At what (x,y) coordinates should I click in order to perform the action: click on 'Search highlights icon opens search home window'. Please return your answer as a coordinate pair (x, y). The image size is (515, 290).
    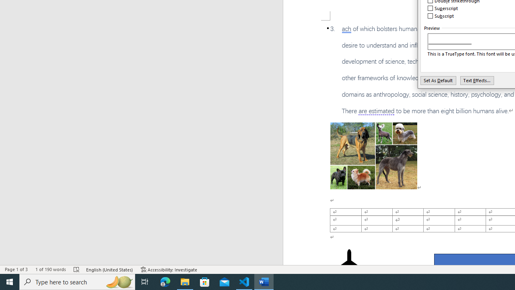
    Looking at the image, I should click on (118, 281).